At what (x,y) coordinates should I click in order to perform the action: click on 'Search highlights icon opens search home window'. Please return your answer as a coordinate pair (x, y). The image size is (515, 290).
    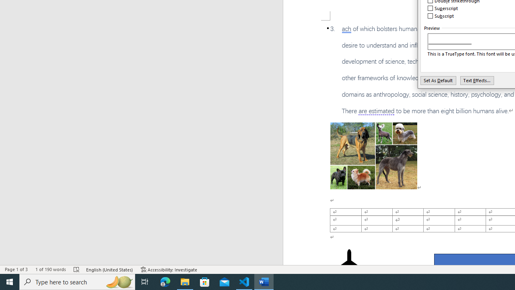
    Looking at the image, I should click on (118, 281).